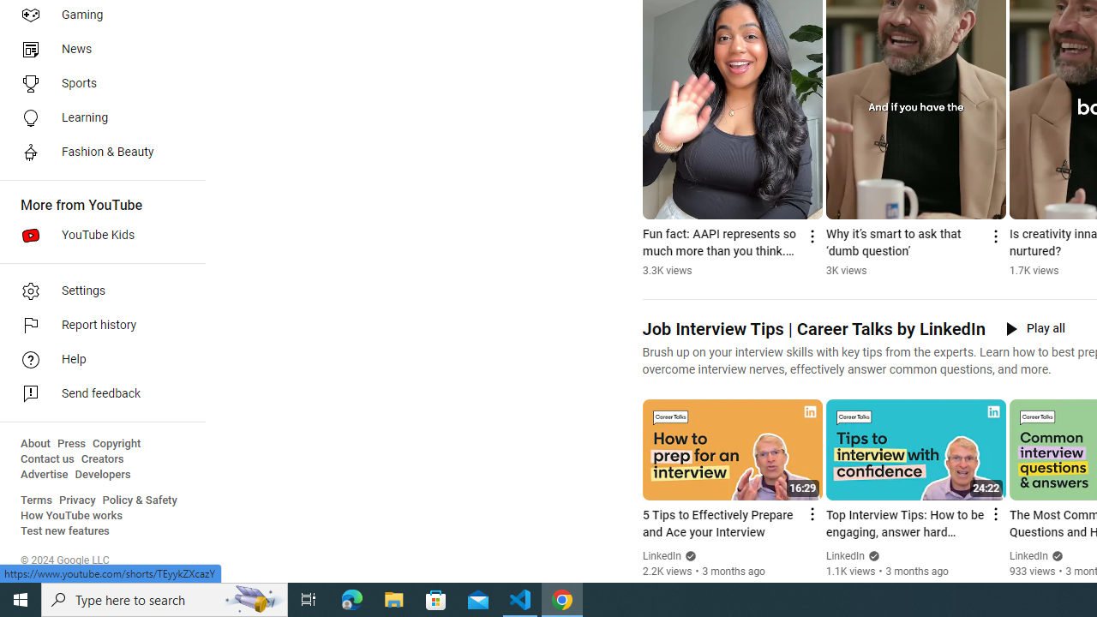 The image size is (1097, 617). I want to click on 'Fashion & Beauty', so click(96, 151).